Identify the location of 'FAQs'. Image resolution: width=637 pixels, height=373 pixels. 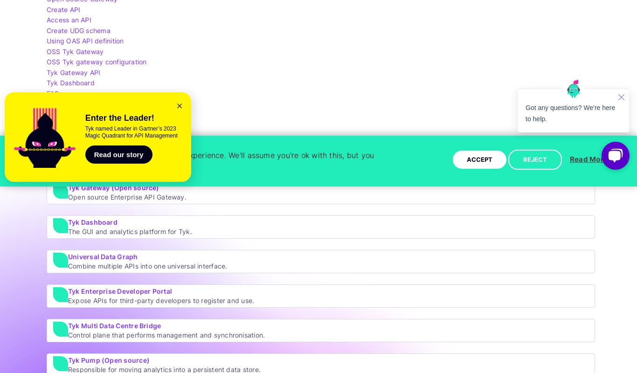
(46, 92).